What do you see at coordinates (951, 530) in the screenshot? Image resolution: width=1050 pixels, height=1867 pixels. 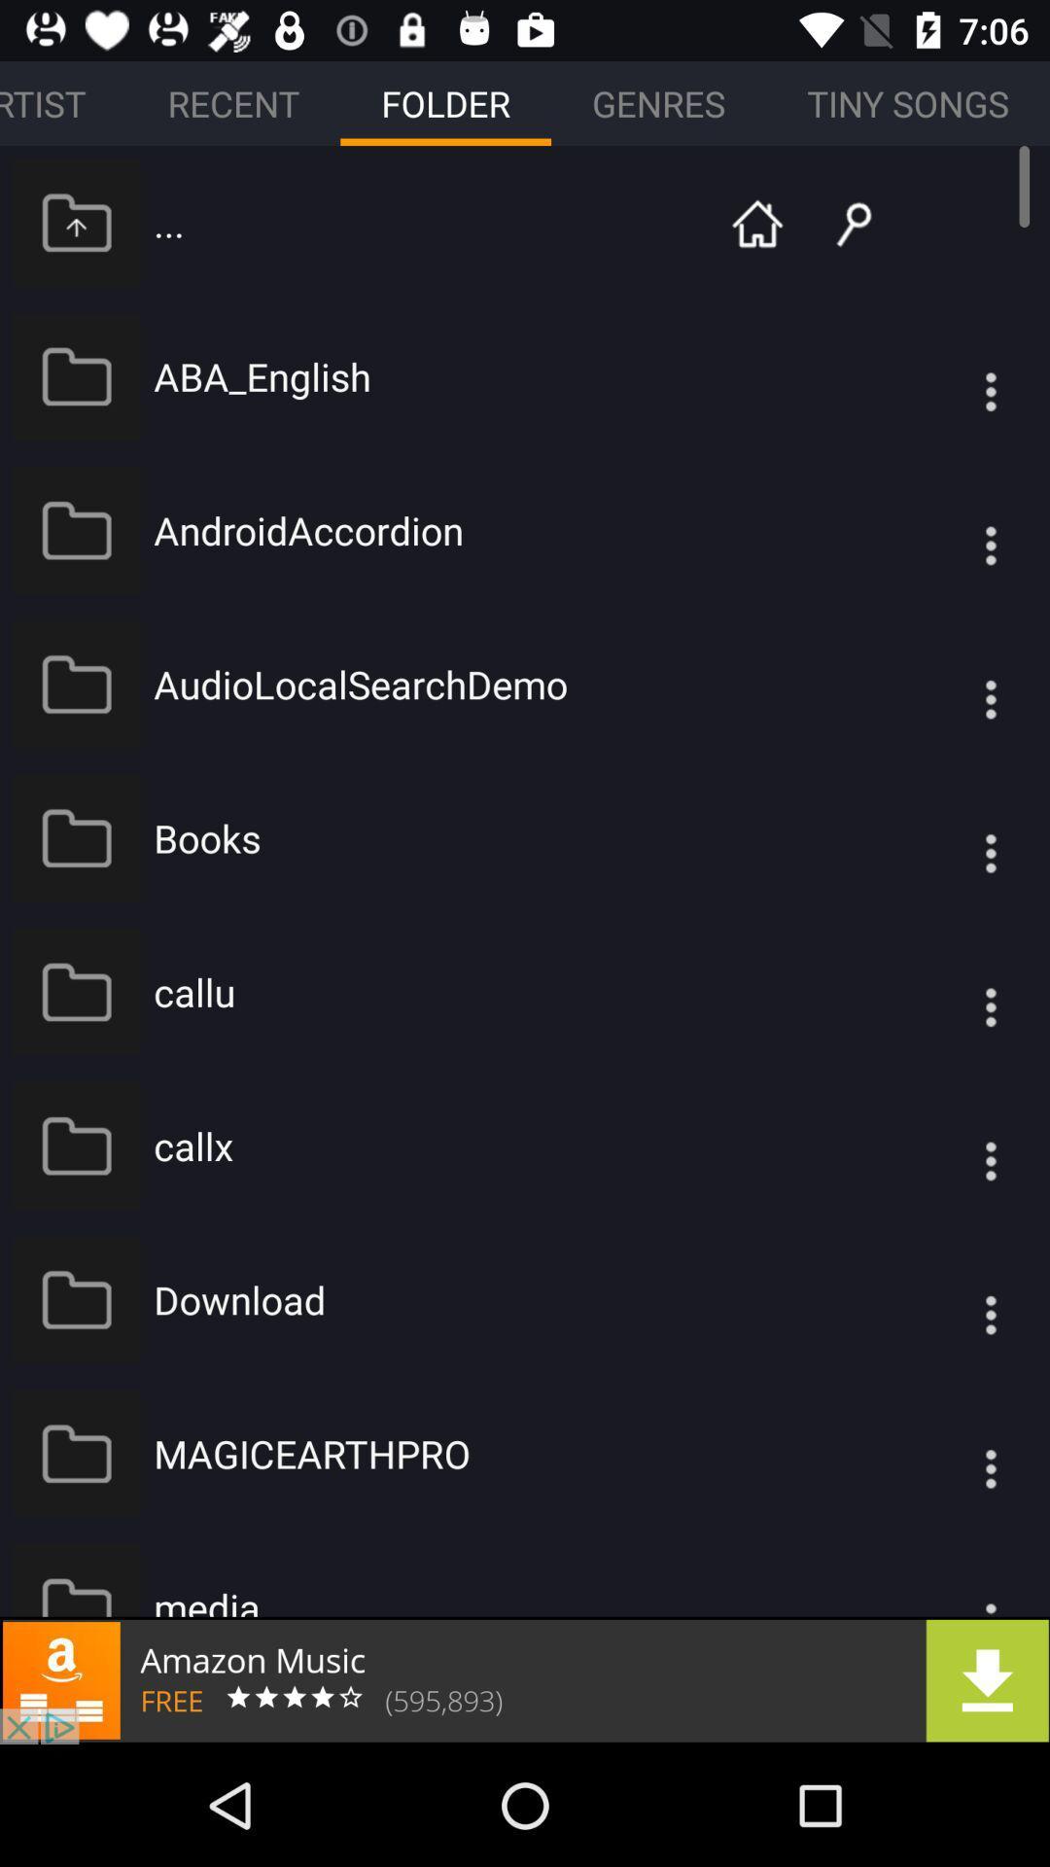 I see `options` at bounding box center [951, 530].